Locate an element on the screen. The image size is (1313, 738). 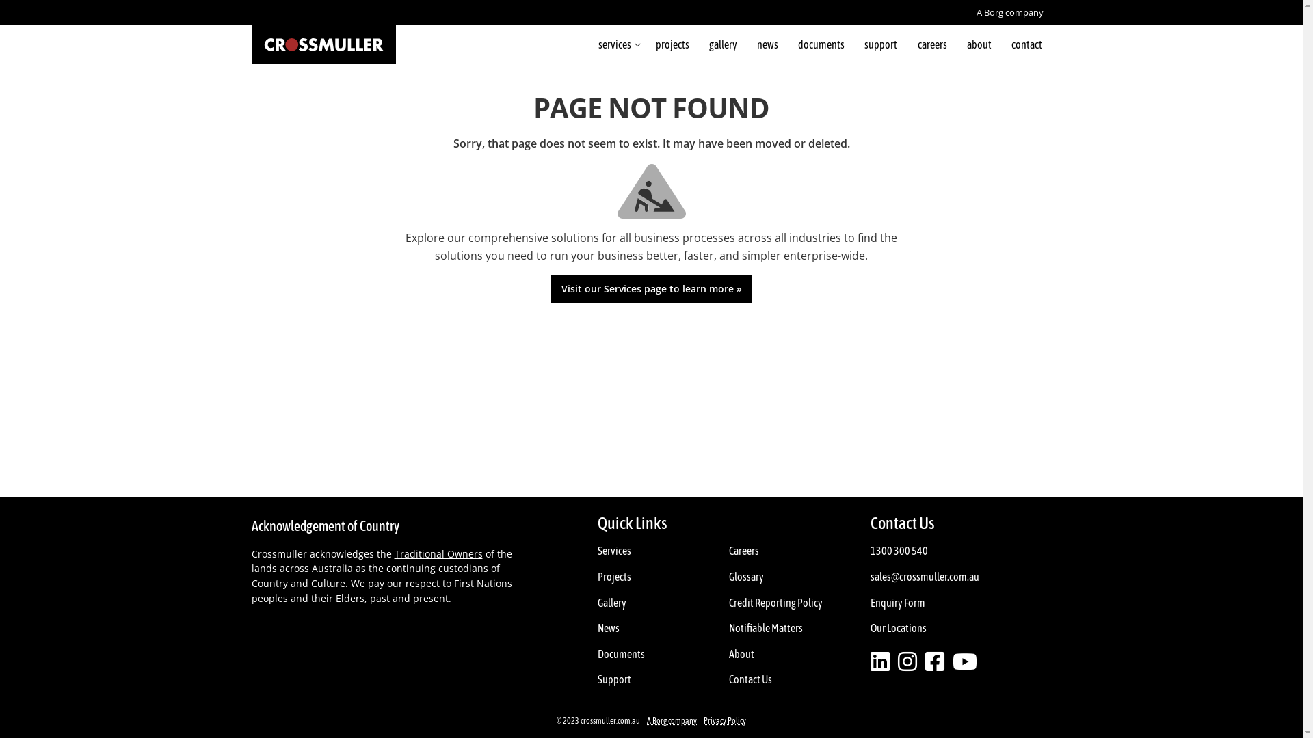
'Contact Us' is located at coordinates (750, 680).